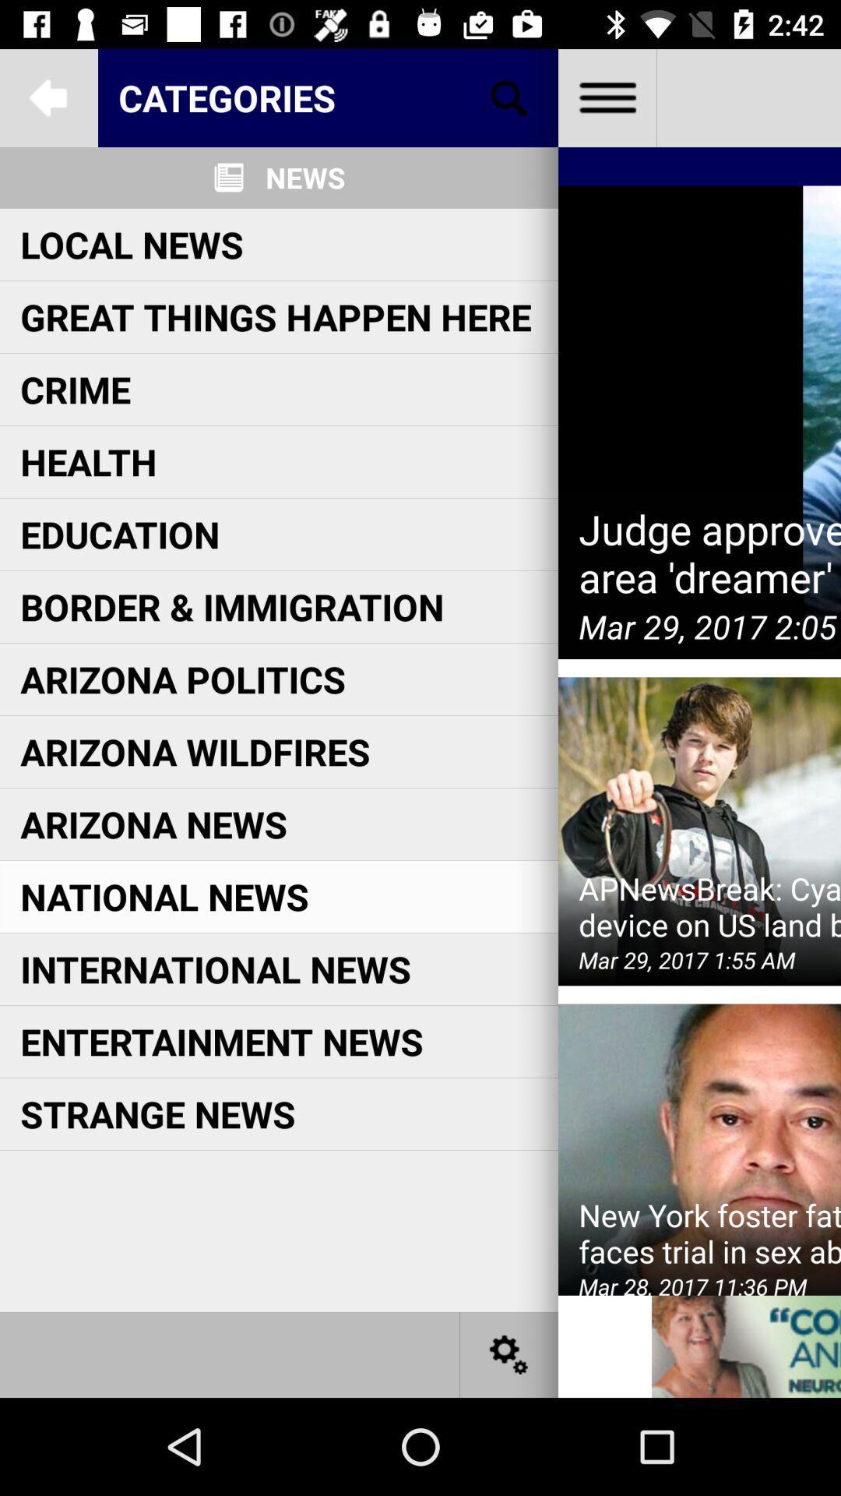 The width and height of the screenshot is (841, 1496). I want to click on the settings icon, so click(509, 1353).